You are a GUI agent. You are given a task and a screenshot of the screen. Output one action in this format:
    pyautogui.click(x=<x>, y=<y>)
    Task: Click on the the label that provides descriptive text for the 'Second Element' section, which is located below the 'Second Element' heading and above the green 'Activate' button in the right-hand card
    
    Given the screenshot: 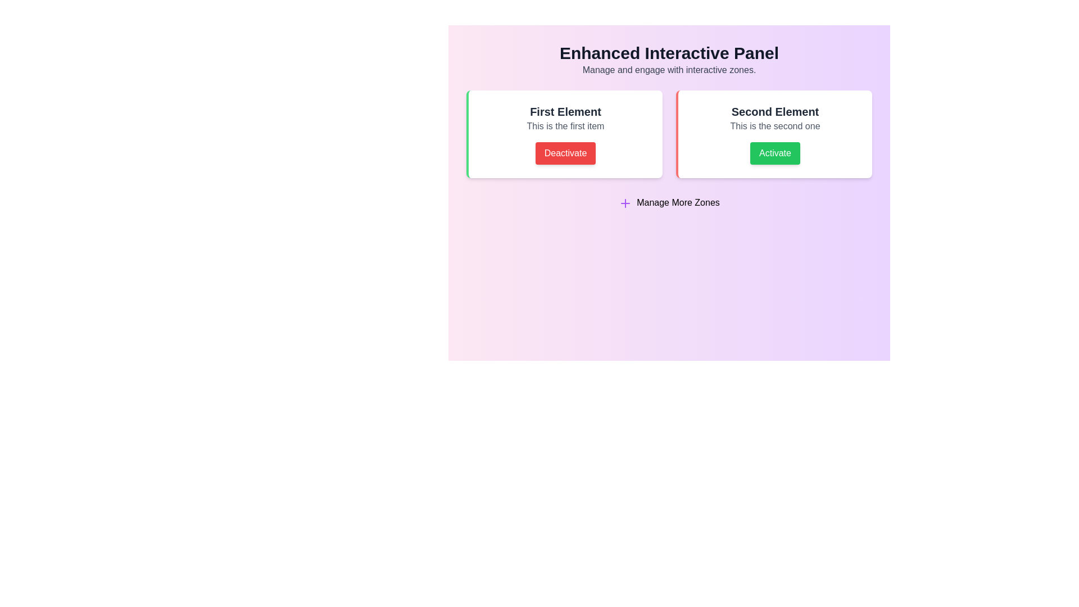 What is the action you would take?
    pyautogui.click(x=774, y=126)
    